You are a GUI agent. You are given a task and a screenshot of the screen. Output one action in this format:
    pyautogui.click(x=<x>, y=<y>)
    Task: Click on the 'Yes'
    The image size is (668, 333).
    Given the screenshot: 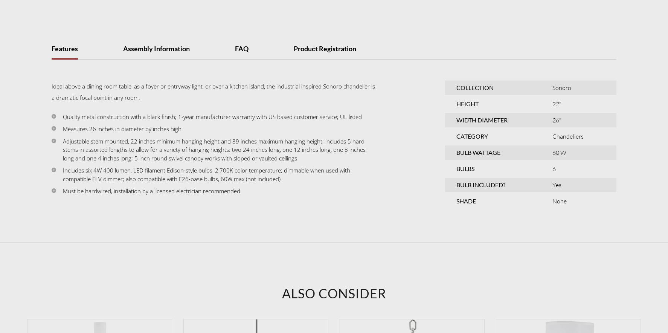 What is the action you would take?
    pyautogui.click(x=552, y=184)
    